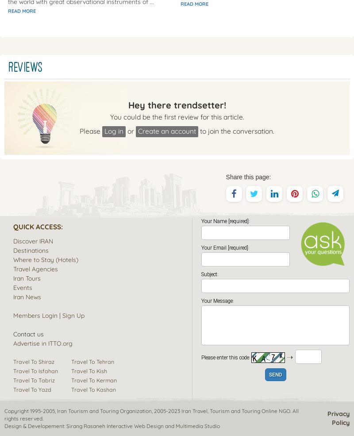  What do you see at coordinates (34, 360) in the screenshot?
I see `'Travel To Shiraz'` at bounding box center [34, 360].